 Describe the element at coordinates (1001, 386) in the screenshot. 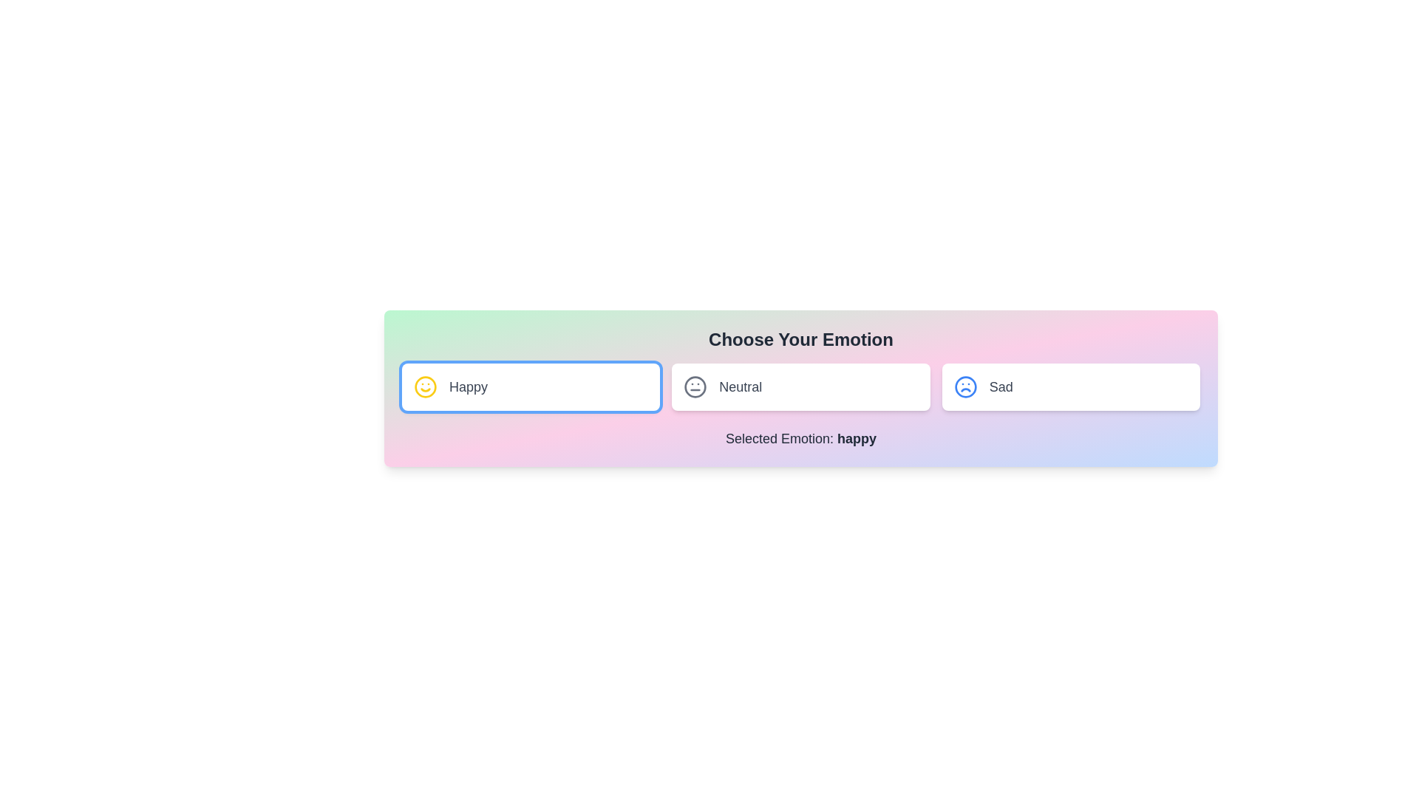

I see `the 'Sad' text label` at that location.